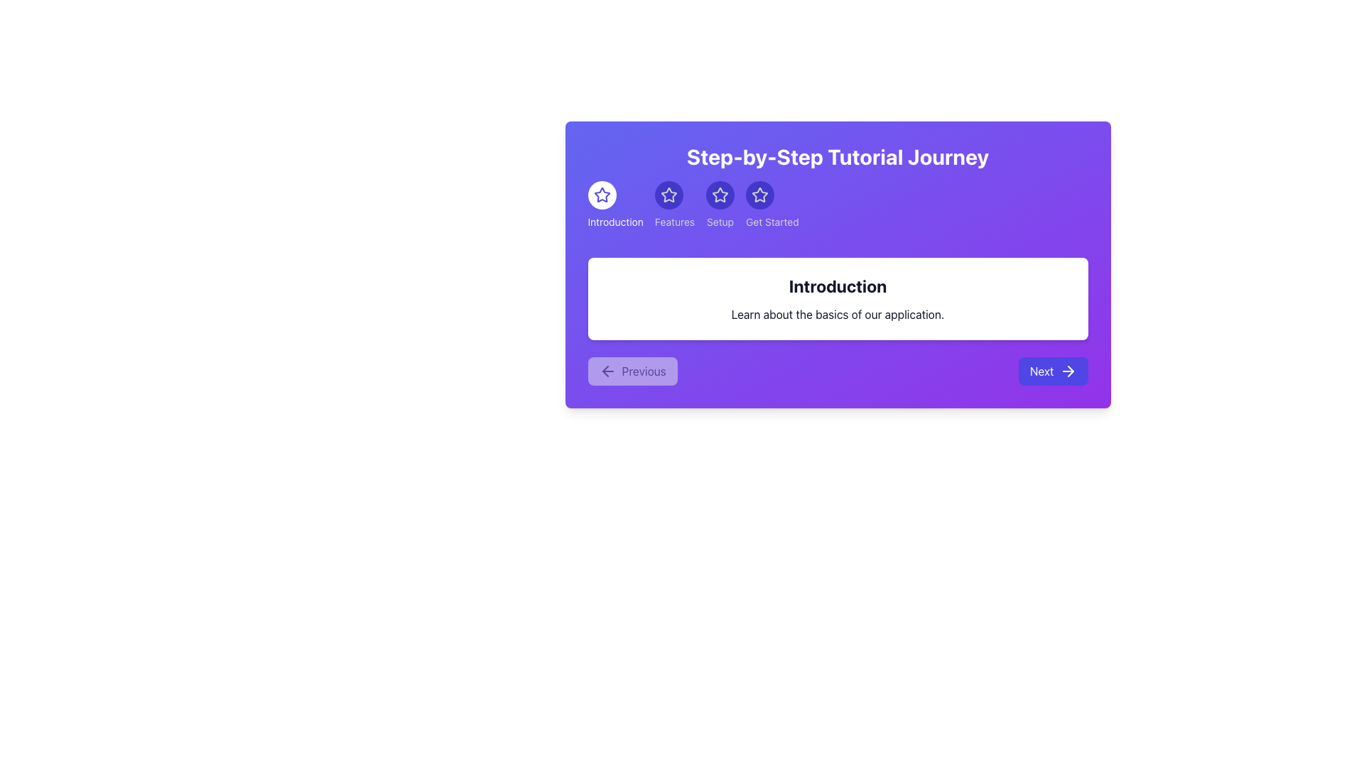 The width and height of the screenshot is (1364, 767). What do you see at coordinates (615, 205) in the screenshot?
I see `the 'Introduction' step indicator, which is the first element in a row of navigation items near the top of the purple panel` at bounding box center [615, 205].